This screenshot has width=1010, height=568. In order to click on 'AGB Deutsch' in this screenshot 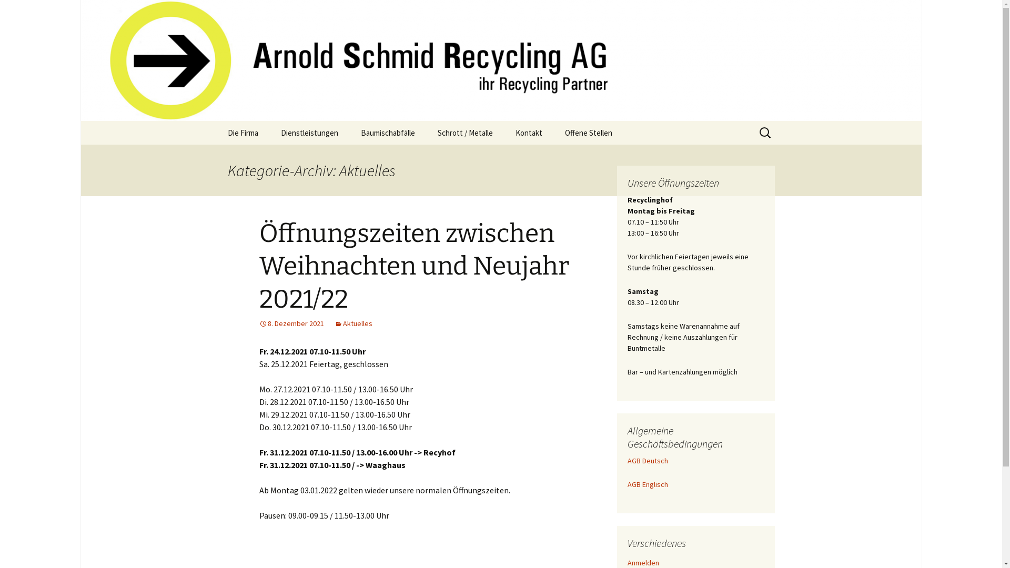, I will do `click(647, 460)`.